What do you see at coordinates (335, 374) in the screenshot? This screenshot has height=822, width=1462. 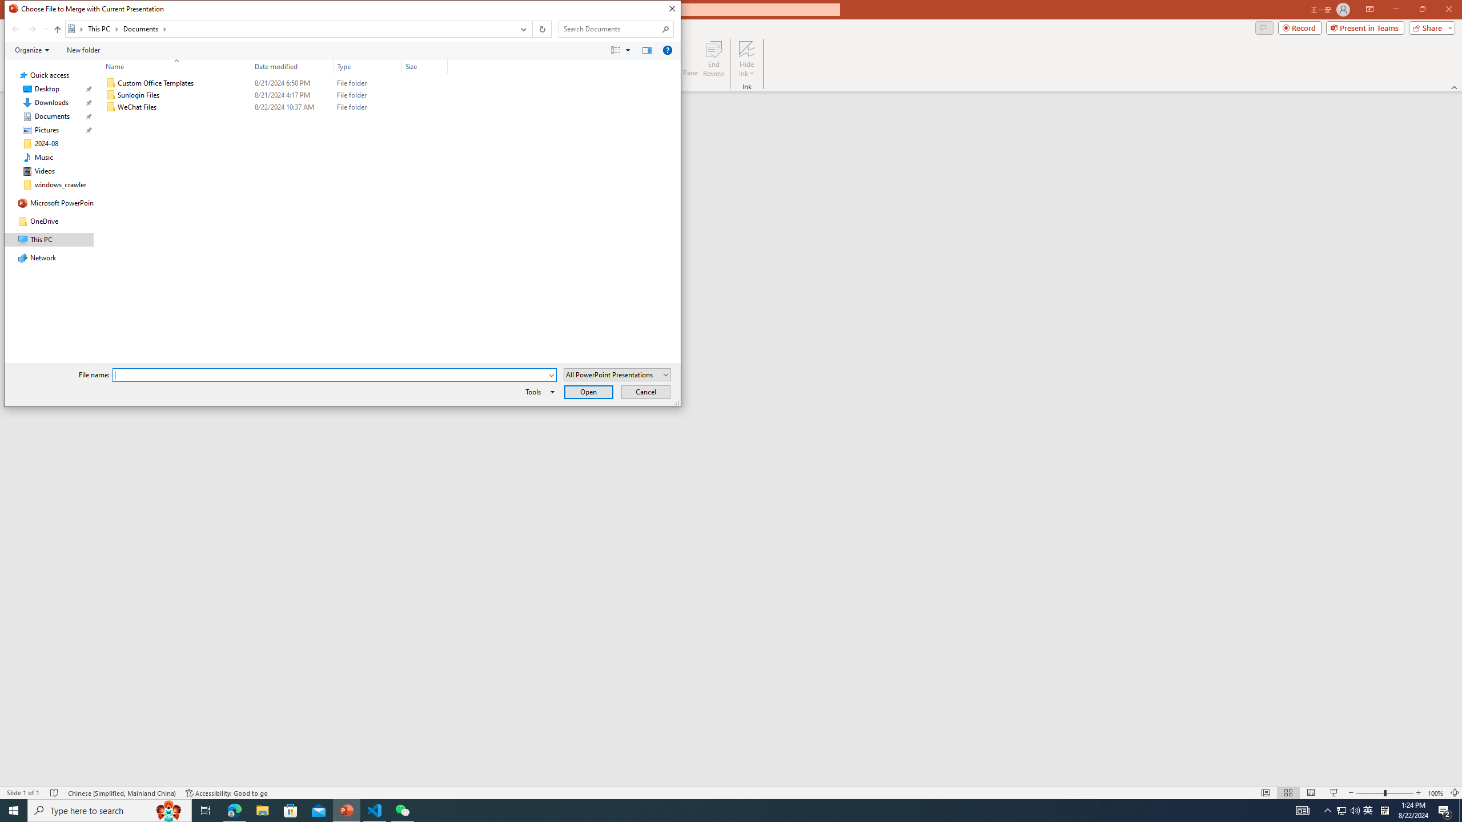 I see `'File name:'` at bounding box center [335, 374].